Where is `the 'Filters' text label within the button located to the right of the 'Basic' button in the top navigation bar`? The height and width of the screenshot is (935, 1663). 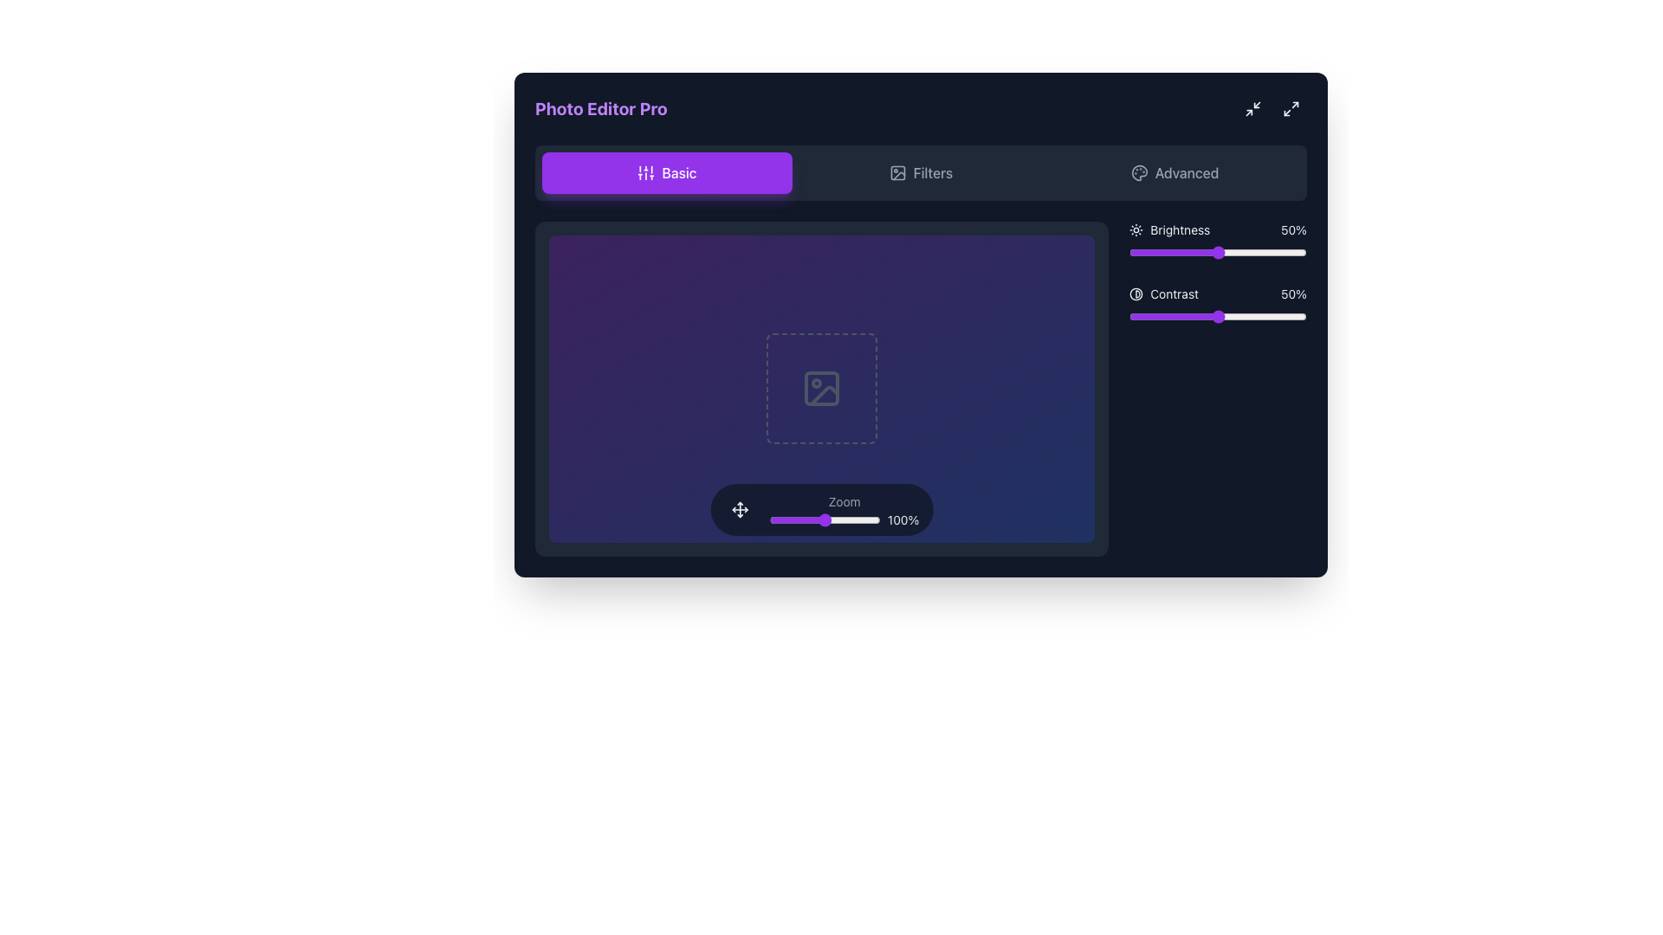
the 'Filters' text label within the button located to the right of the 'Basic' button in the top navigation bar is located at coordinates (932, 173).